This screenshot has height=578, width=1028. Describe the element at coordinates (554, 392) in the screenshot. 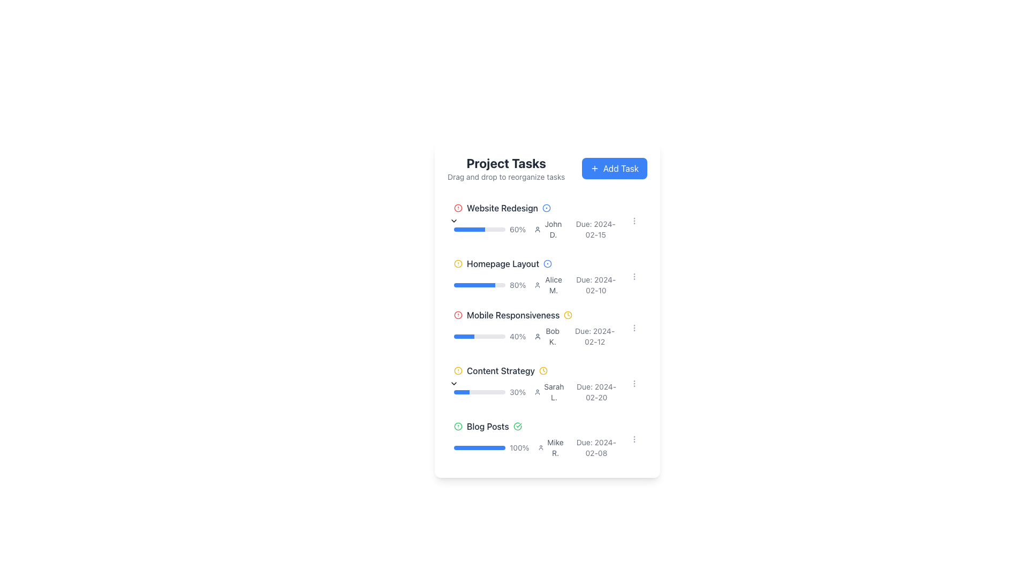

I see `text label displaying the name of the individual assigned to the 'Content Strategy' task, located to the right of the progress bar and left of the due date` at that location.